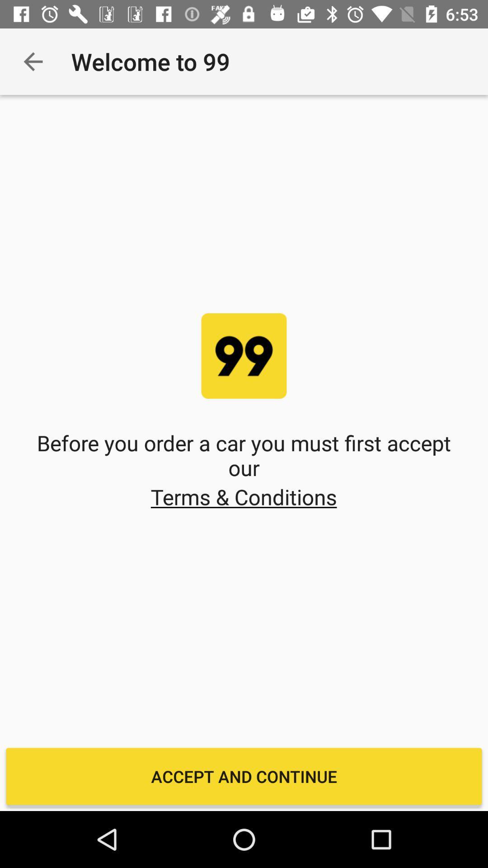 The width and height of the screenshot is (488, 868). What do you see at coordinates (243, 496) in the screenshot?
I see `terms & conditions icon` at bounding box center [243, 496].